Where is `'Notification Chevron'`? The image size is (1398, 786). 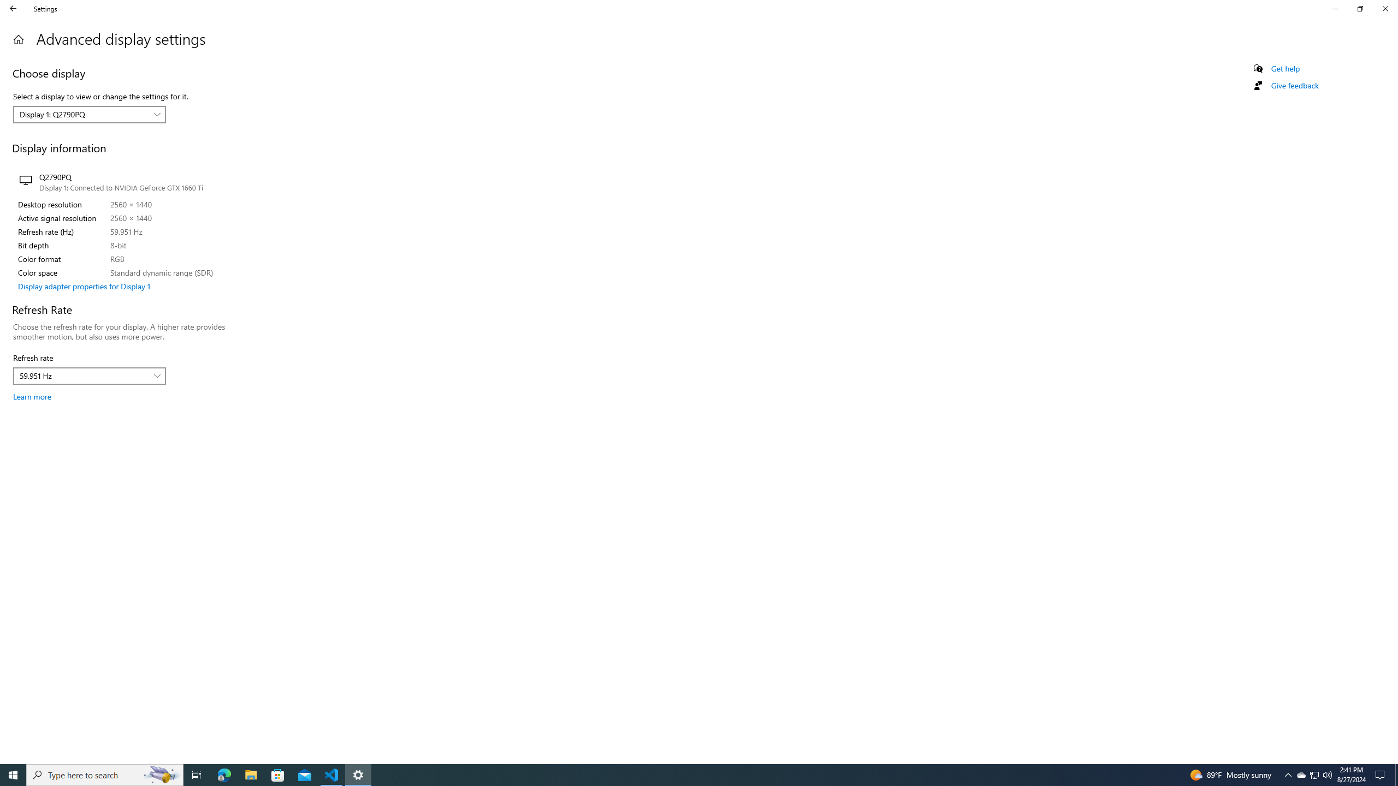
'Notification Chevron' is located at coordinates (1313, 774).